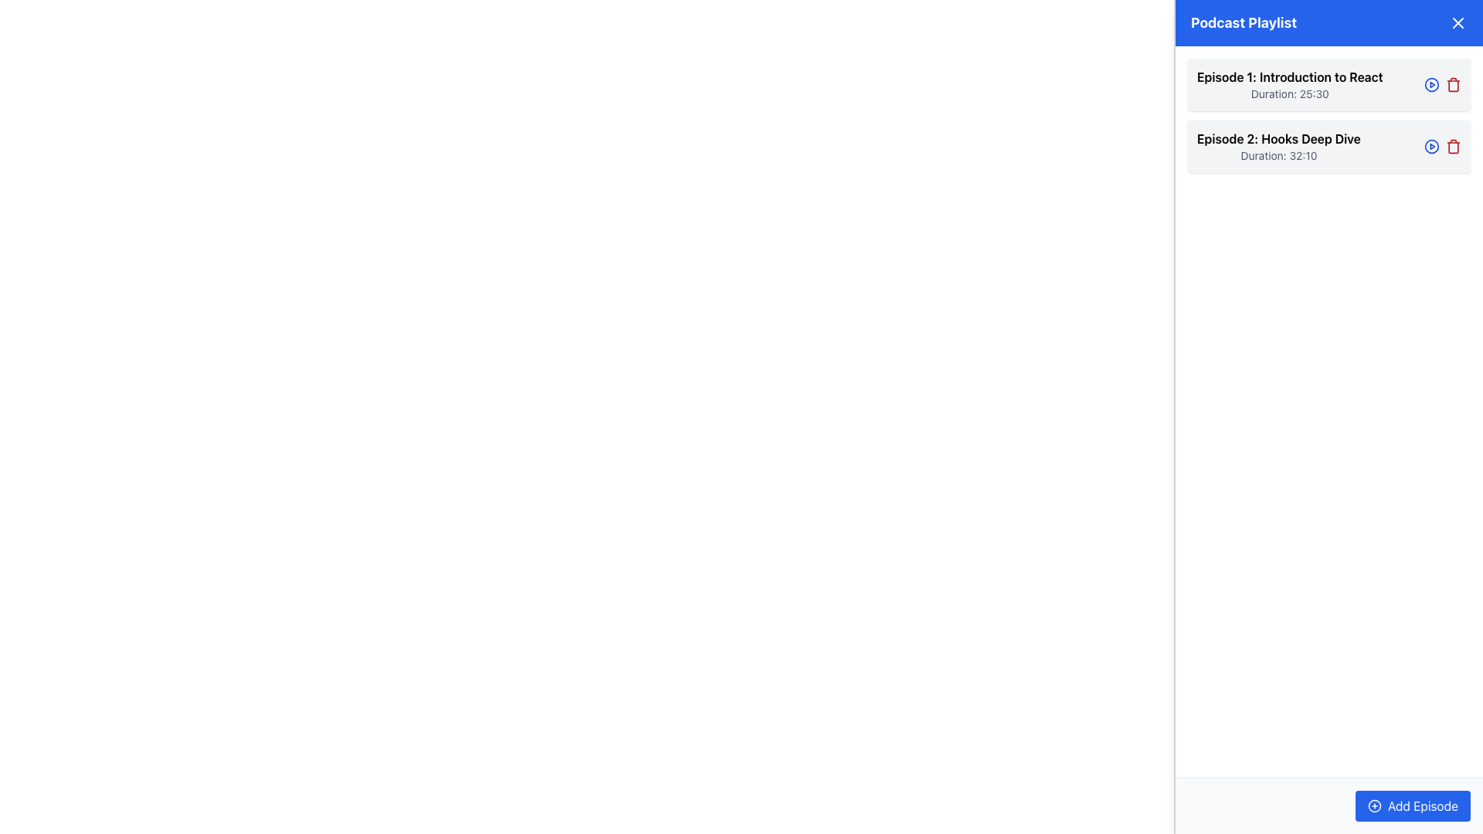 The width and height of the screenshot is (1483, 834). What do you see at coordinates (1290, 77) in the screenshot?
I see `the text label that serves as the header for the first episode in the podcast playlist, positioned above 'Duration: 25:30'` at bounding box center [1290, 77].